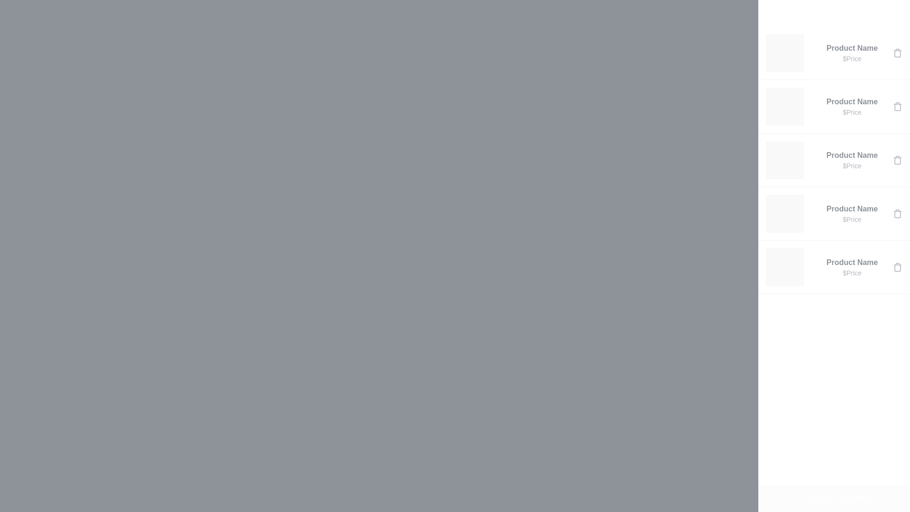 The width and height of the screenshot is (910, 512). I want to click on the body section of the trash bin icon, which symbolizes the delete action for the third product entry in the list, so click(897, 160).